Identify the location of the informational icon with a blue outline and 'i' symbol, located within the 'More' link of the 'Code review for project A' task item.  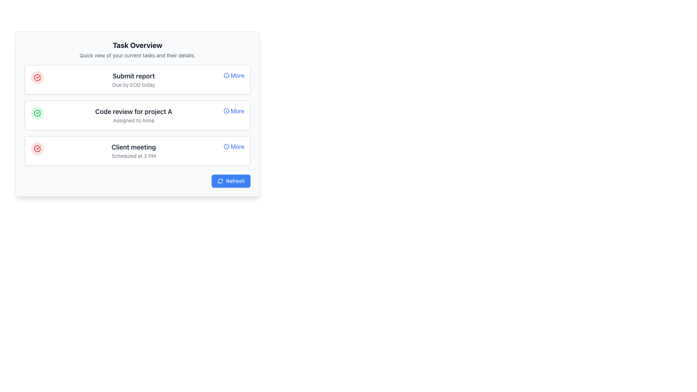
(226, 111).